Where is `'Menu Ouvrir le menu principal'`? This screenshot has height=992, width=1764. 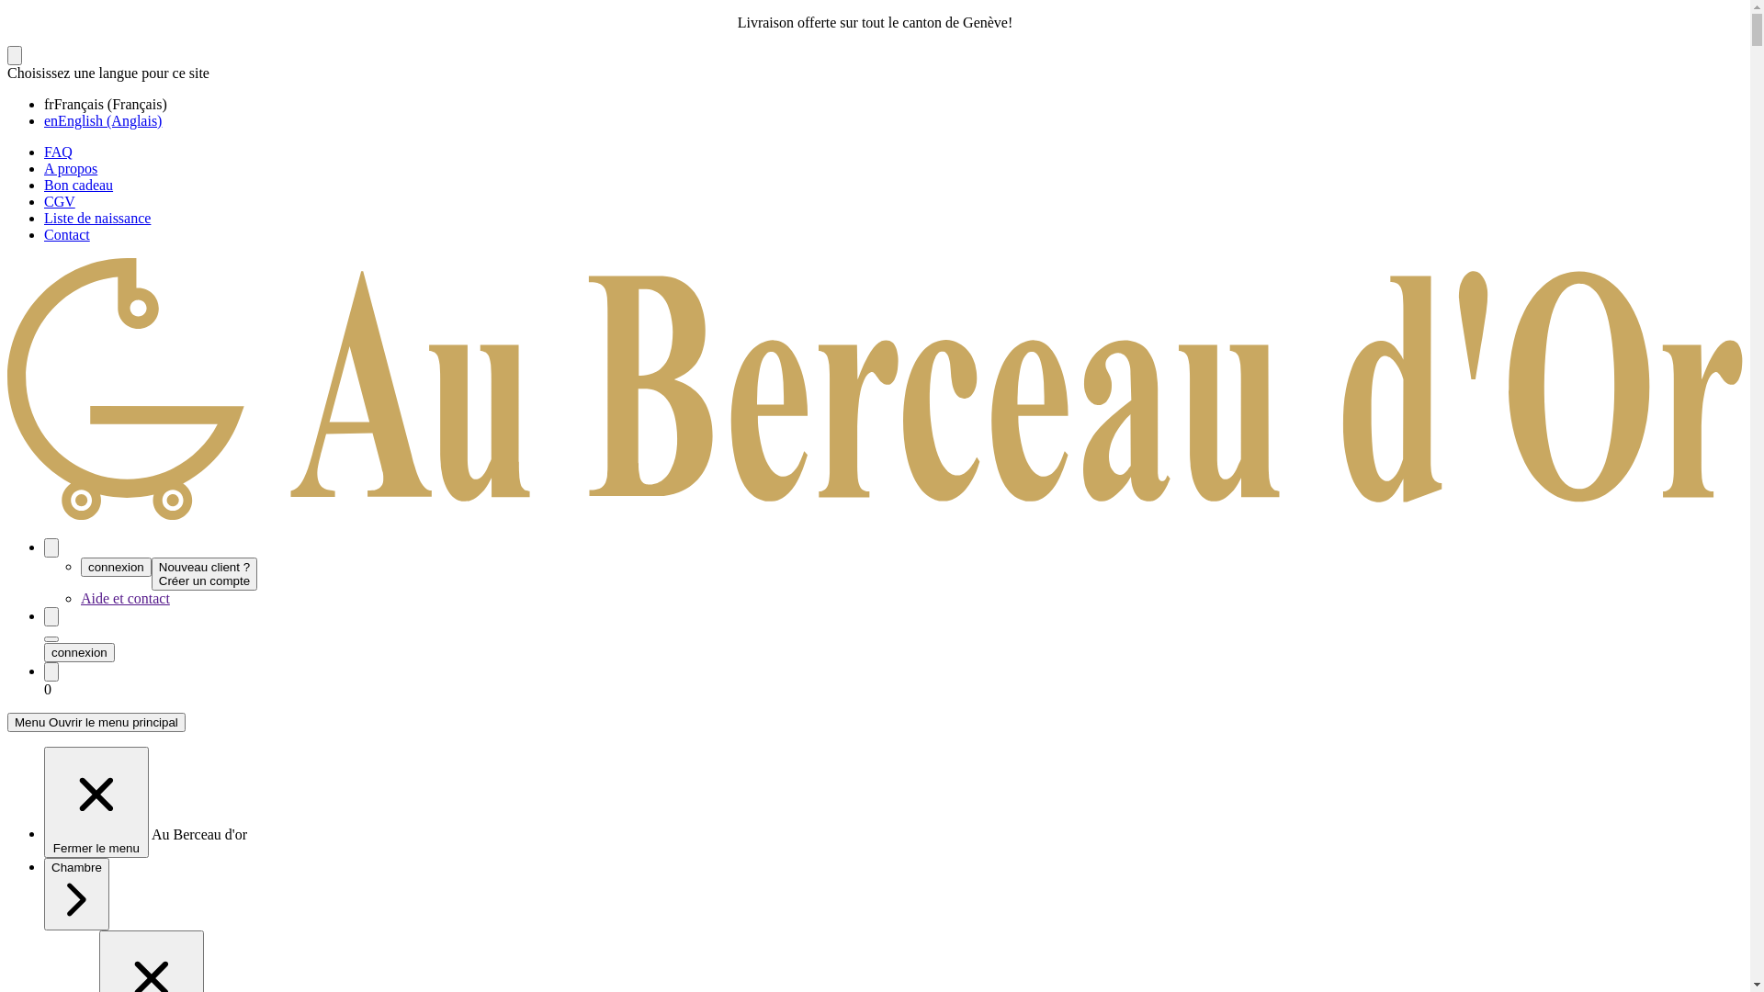 'Menu Ouvrir le menu principal' is located at coordinates (96, 721).